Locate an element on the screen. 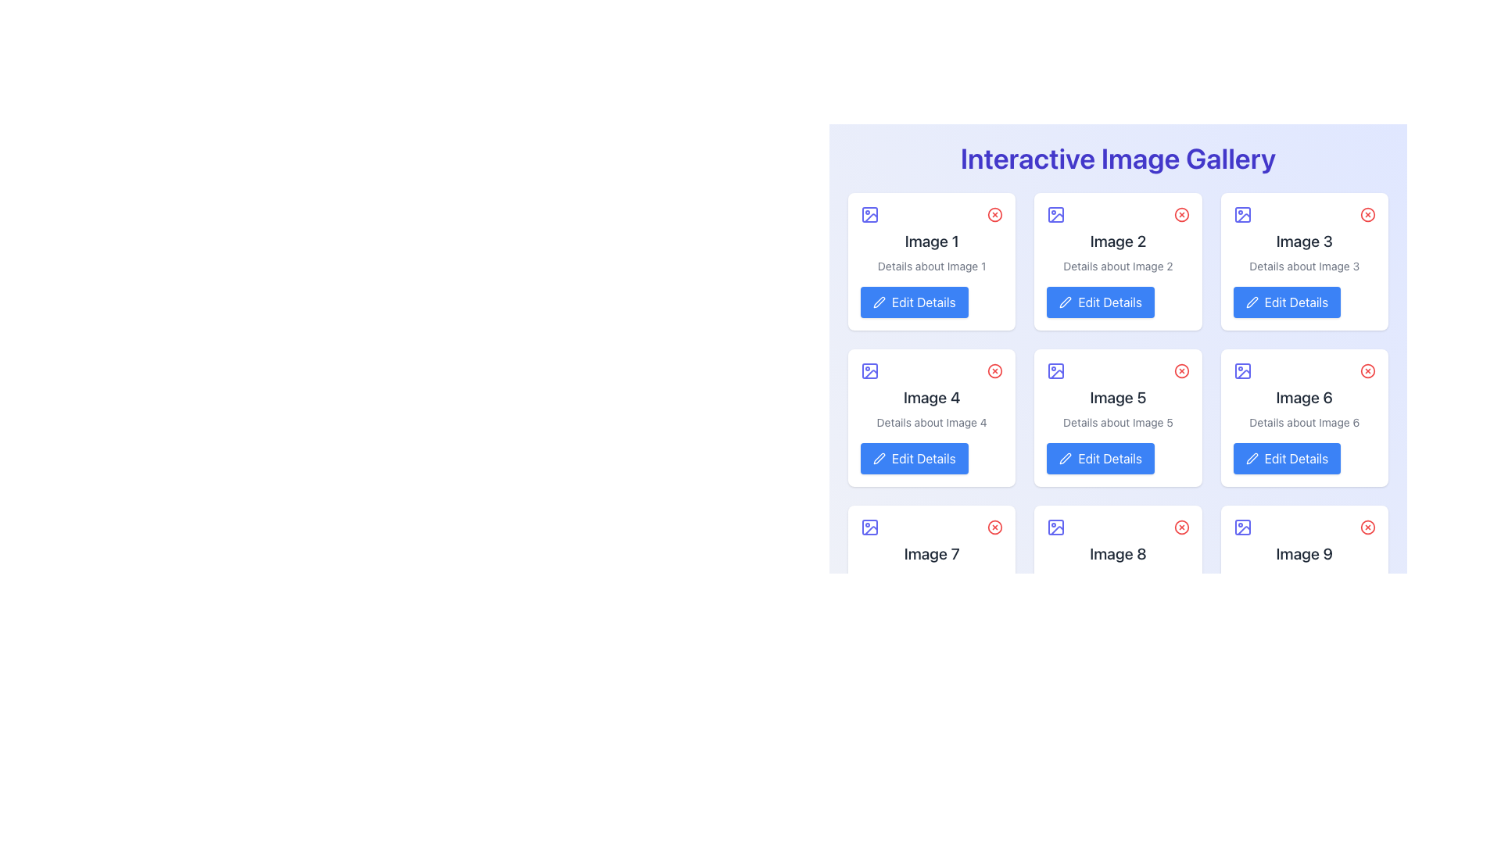  the circular outline of the delete icon located at the upper-right corner of the 8th image card in the grid layout is located at coordinates (1181, 527).